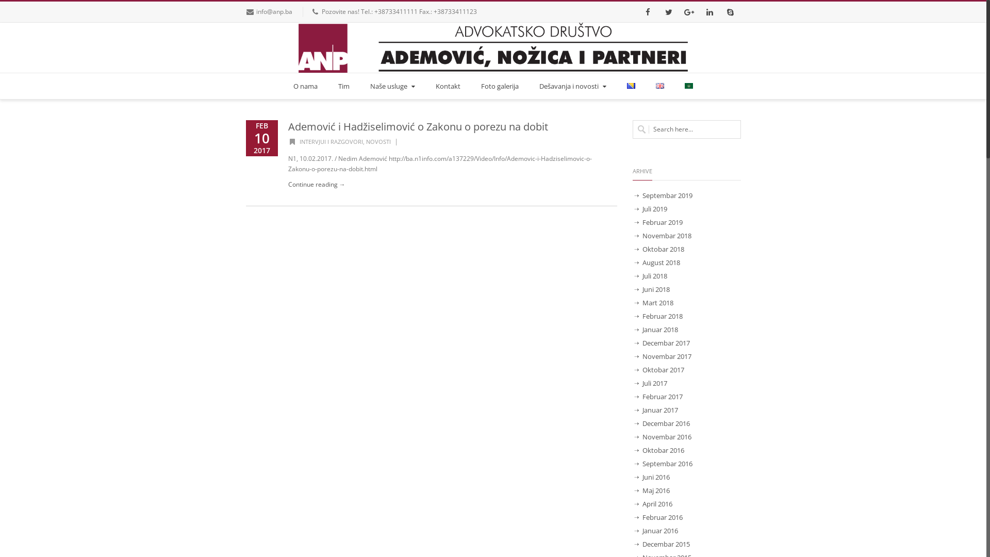 The width and height of the screenshot is (990, 557). Describe the element at coordinates (378, 141) in the screenshot. I see `'NOVOSTI'` at that location.